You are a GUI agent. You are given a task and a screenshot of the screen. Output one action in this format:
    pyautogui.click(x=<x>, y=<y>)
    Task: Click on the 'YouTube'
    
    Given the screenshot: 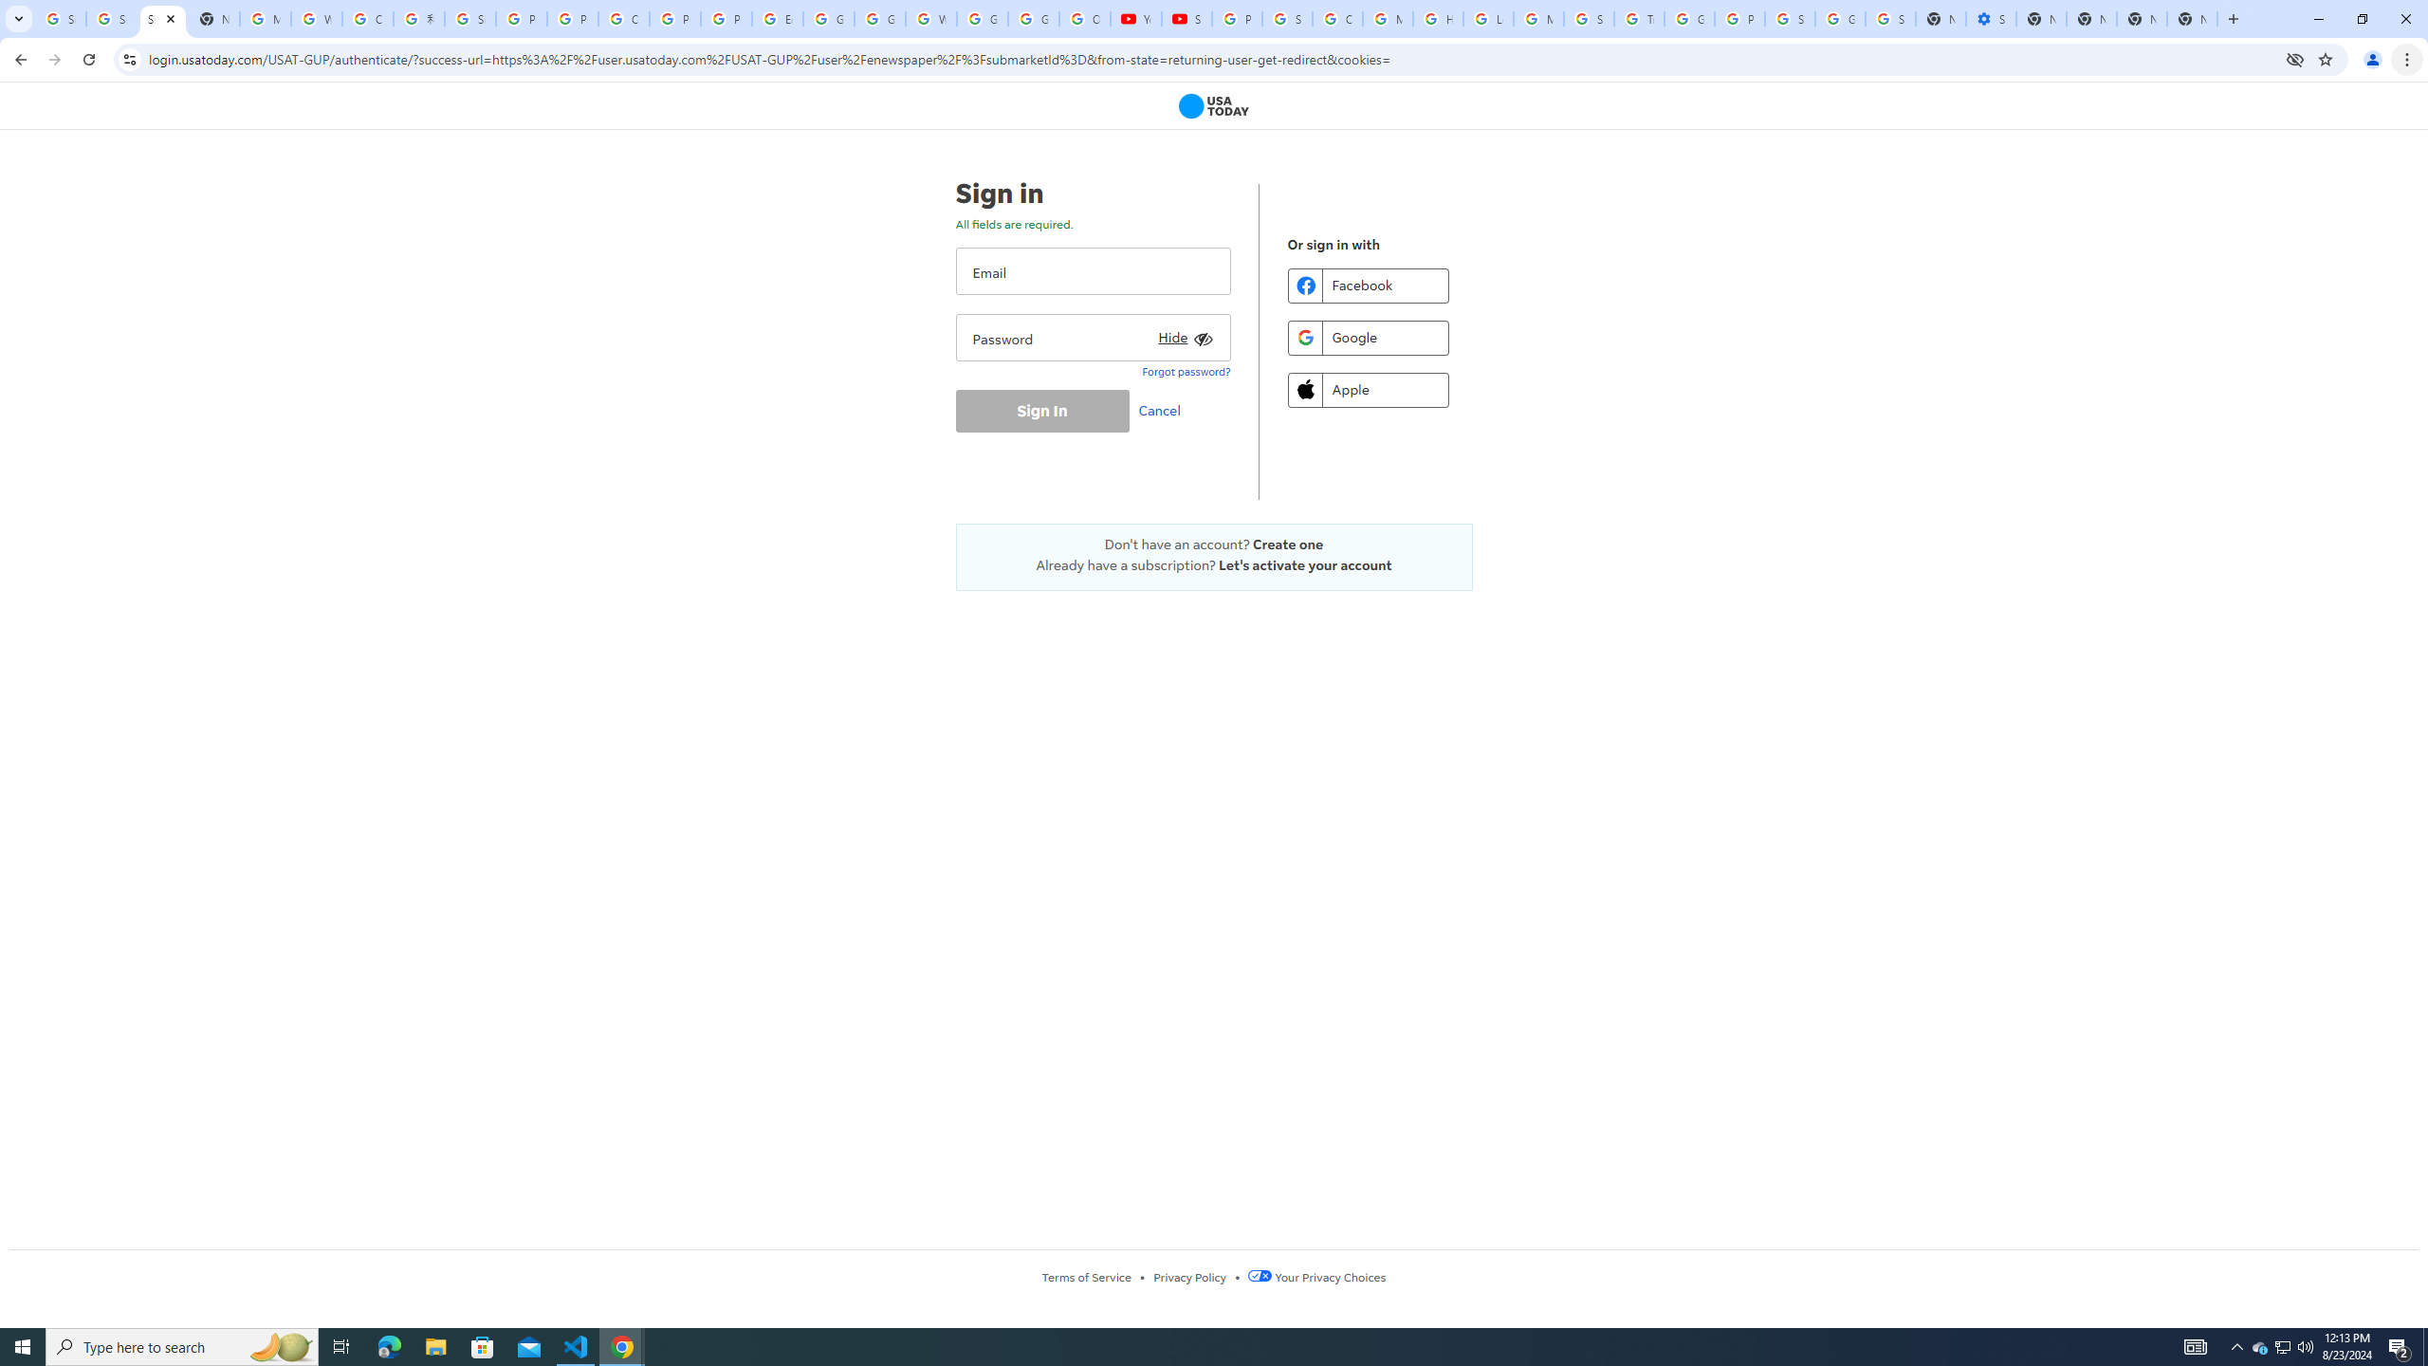 What is the action you would take?
    pyautogui.click(x=1136, y=18)
    